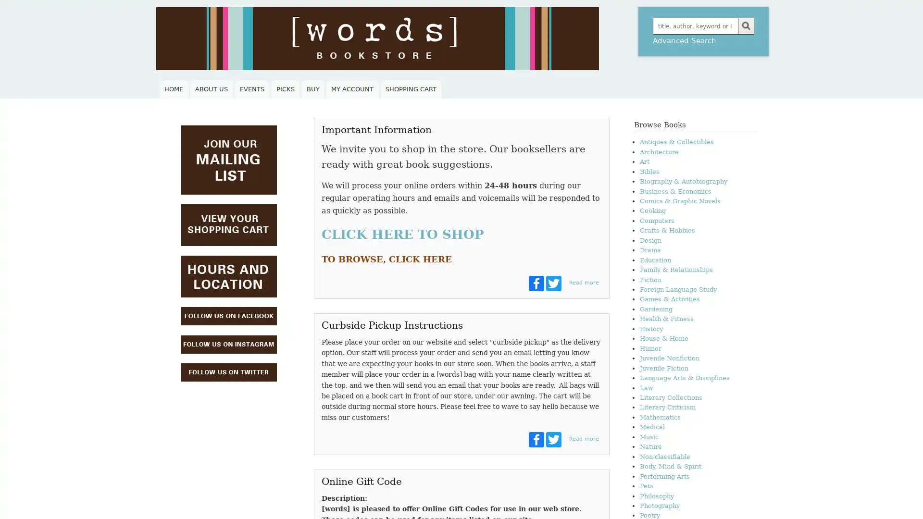  I want to click on Search, so click(745, 25).